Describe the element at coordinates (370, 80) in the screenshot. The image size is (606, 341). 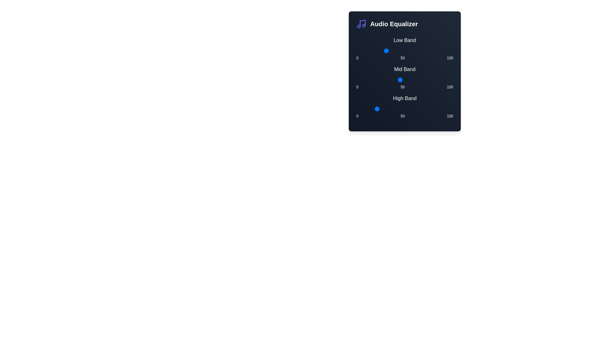
I see `the Mid Band slider to set its value to 14` at that location.